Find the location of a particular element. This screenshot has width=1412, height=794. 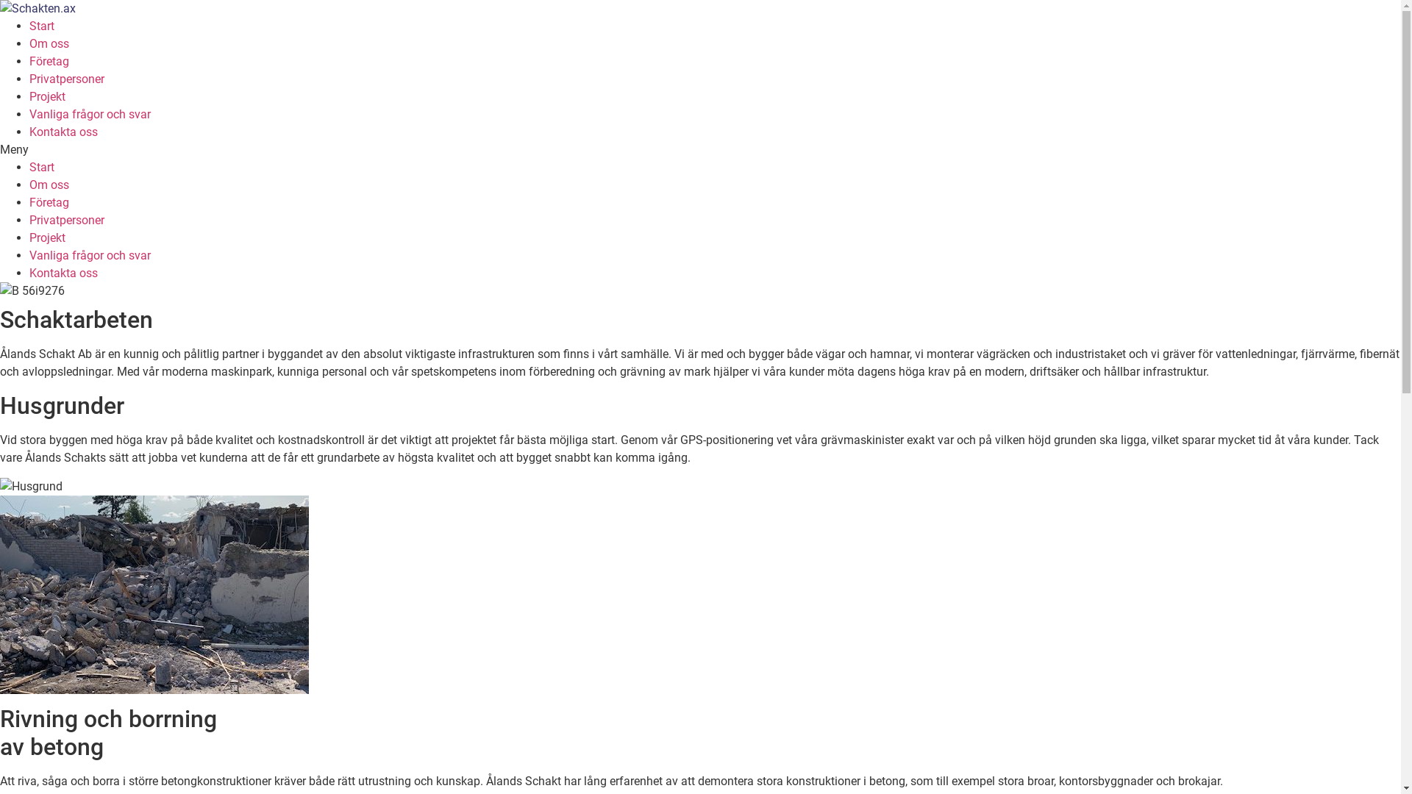

'Projekt' is located at coordinates (47, 237).